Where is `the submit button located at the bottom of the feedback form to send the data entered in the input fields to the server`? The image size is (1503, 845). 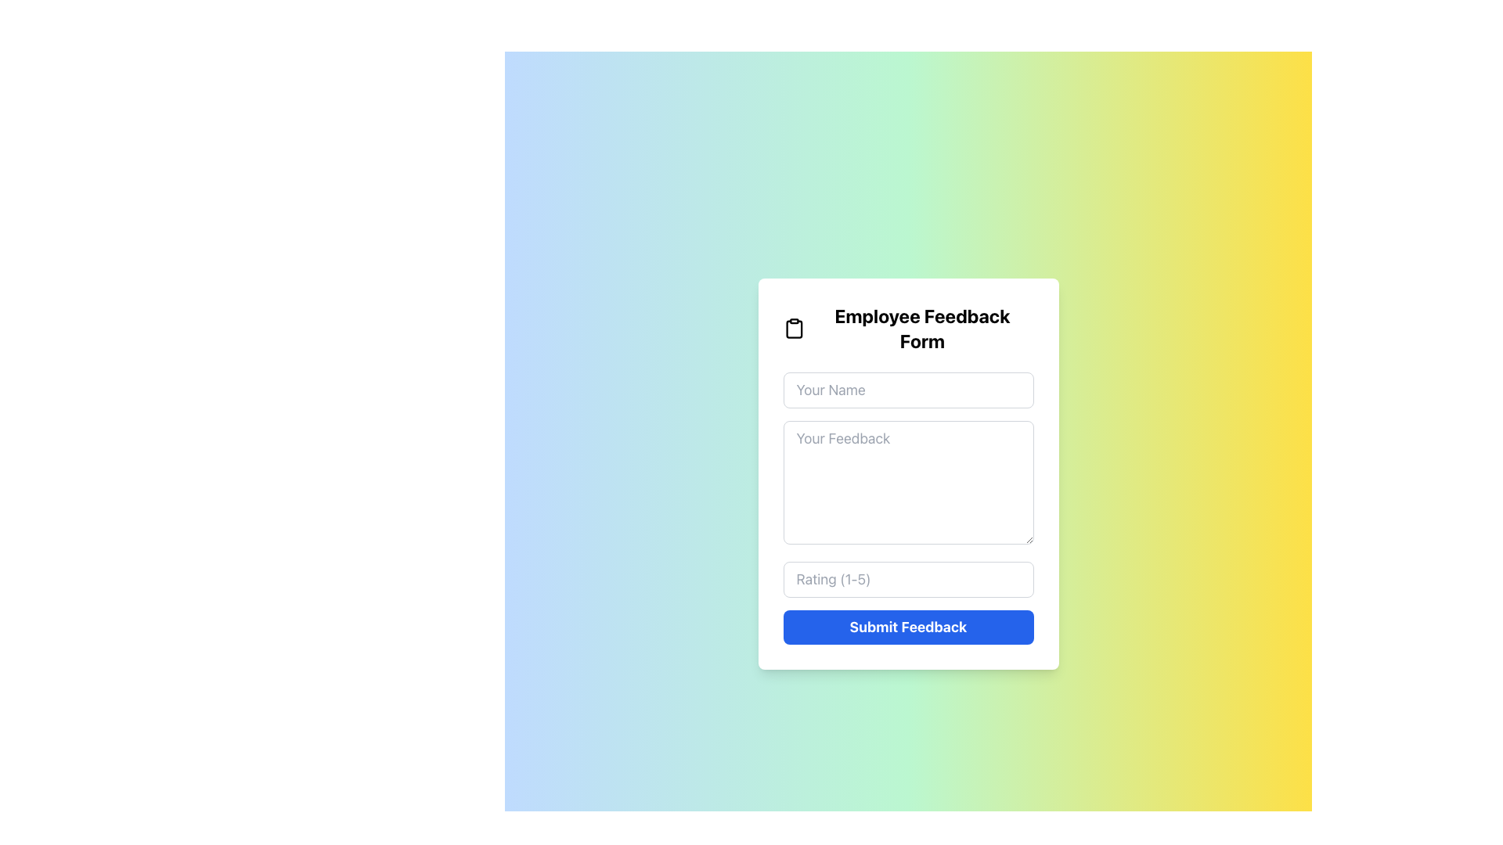 the submit button located at the bottom of the feedback form to send the data entered in the input fields to the server is located at coordinates (908, 627).